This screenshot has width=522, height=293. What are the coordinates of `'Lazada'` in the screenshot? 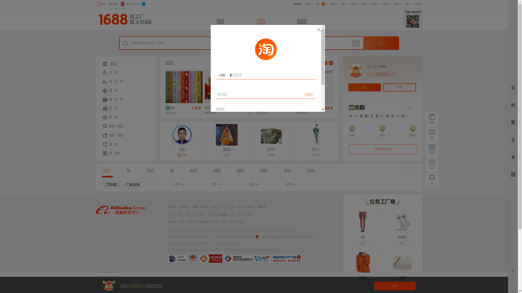 It's located at (218, 214).